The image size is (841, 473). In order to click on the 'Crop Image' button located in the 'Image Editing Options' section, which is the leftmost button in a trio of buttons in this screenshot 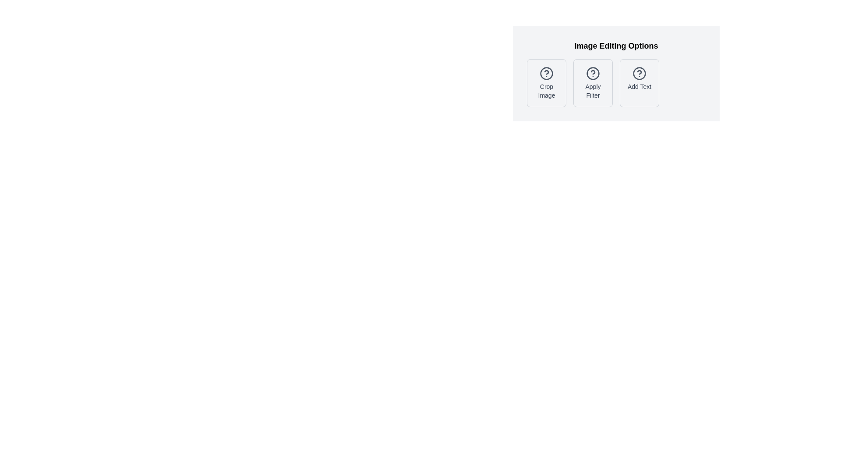, I will do `click(546, 83)`.